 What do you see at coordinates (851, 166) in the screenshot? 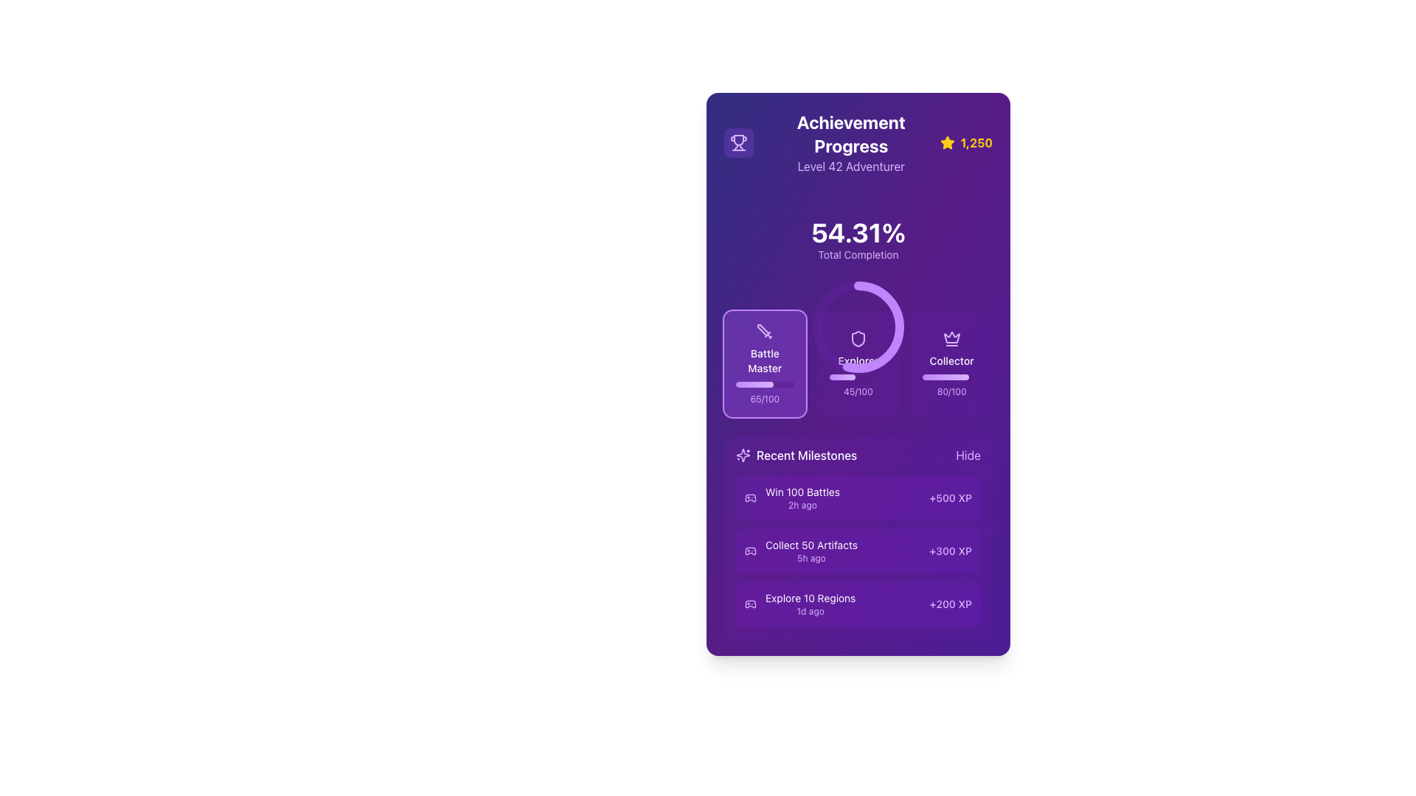
I see `the Text label displaying 'Level 42 Adventurer', which is styled in purple and located directly below the 'Achievement Progress' header` at bounding box center [851, 166].